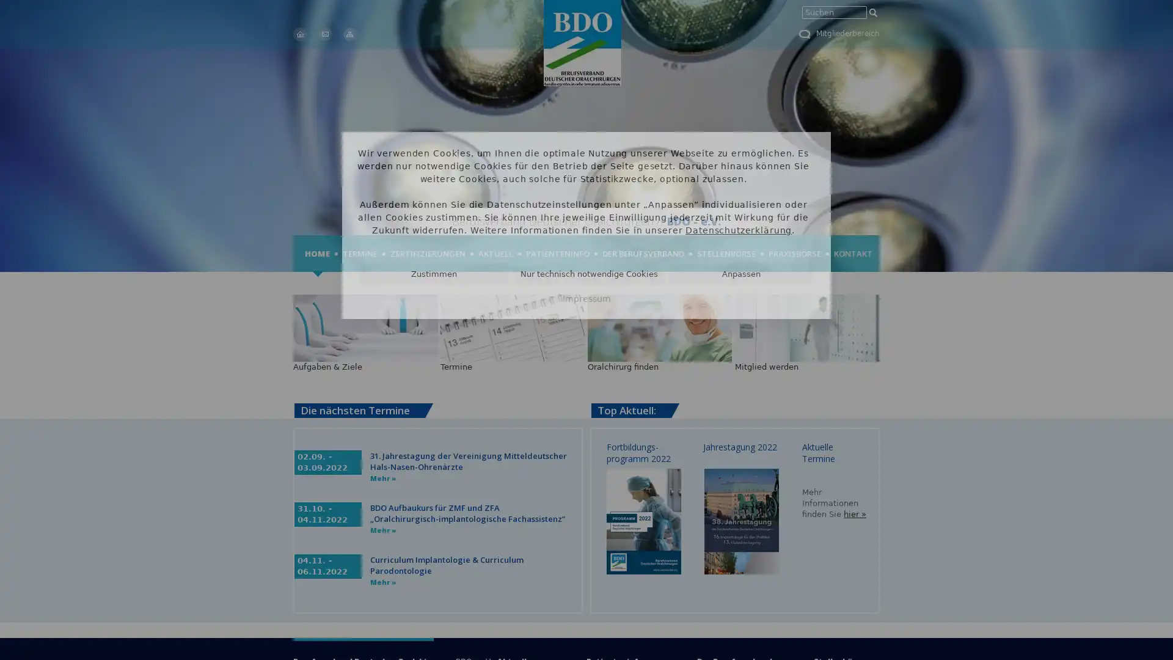  Describe the element at coordinates (588, 273) in the screenshot. I see `Nur technisch notwendige Cookies` at that location.